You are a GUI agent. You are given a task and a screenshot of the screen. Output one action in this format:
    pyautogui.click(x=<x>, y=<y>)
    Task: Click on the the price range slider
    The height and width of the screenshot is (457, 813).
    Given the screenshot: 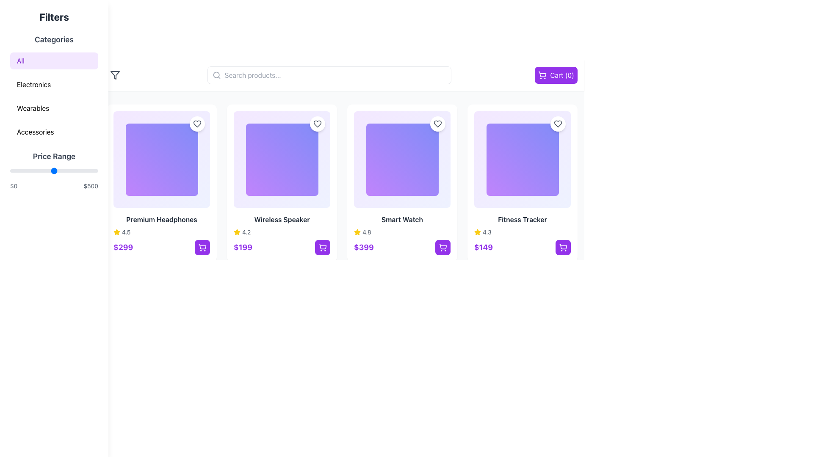 What is the action you would take?
    pyautogui.click(x=20, y=171)
    